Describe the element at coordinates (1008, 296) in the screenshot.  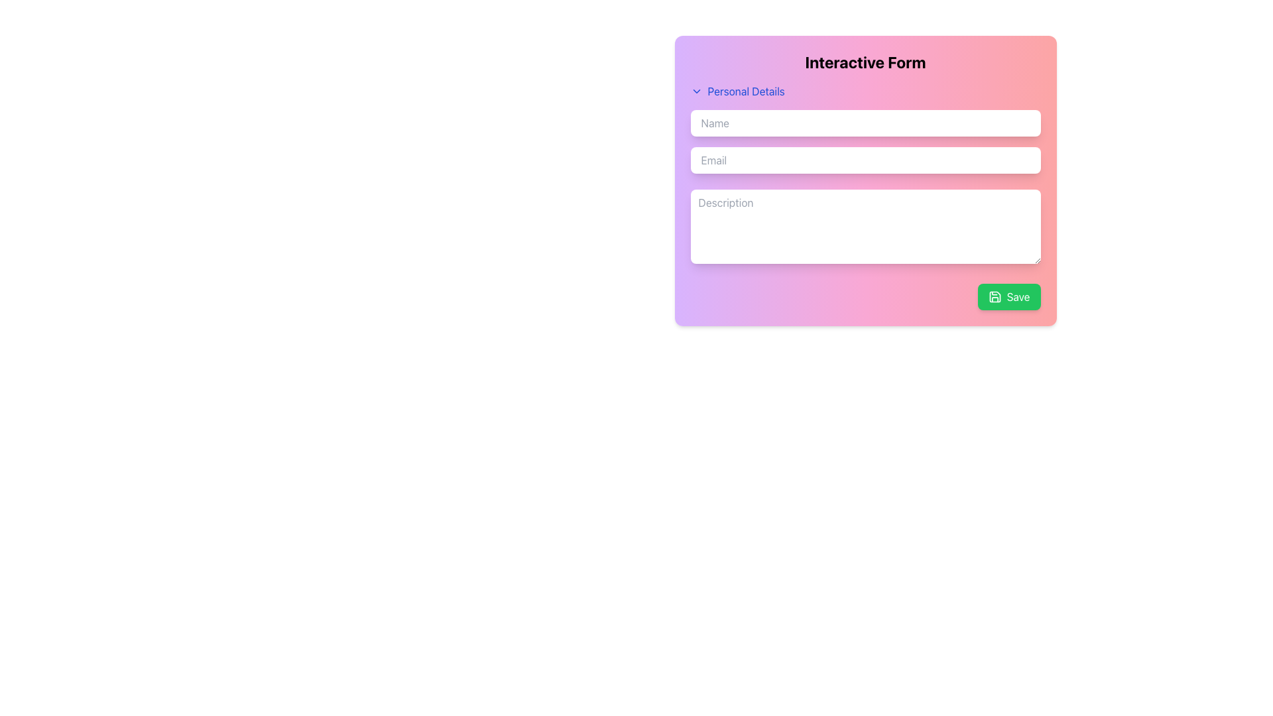
I see `the 'Save' button with a green background located at the bottom-right corner of the card interface` at that location.